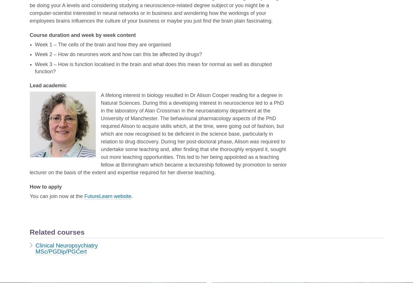  I want to click on 'Course duration and week by week content', so click(29, 35).